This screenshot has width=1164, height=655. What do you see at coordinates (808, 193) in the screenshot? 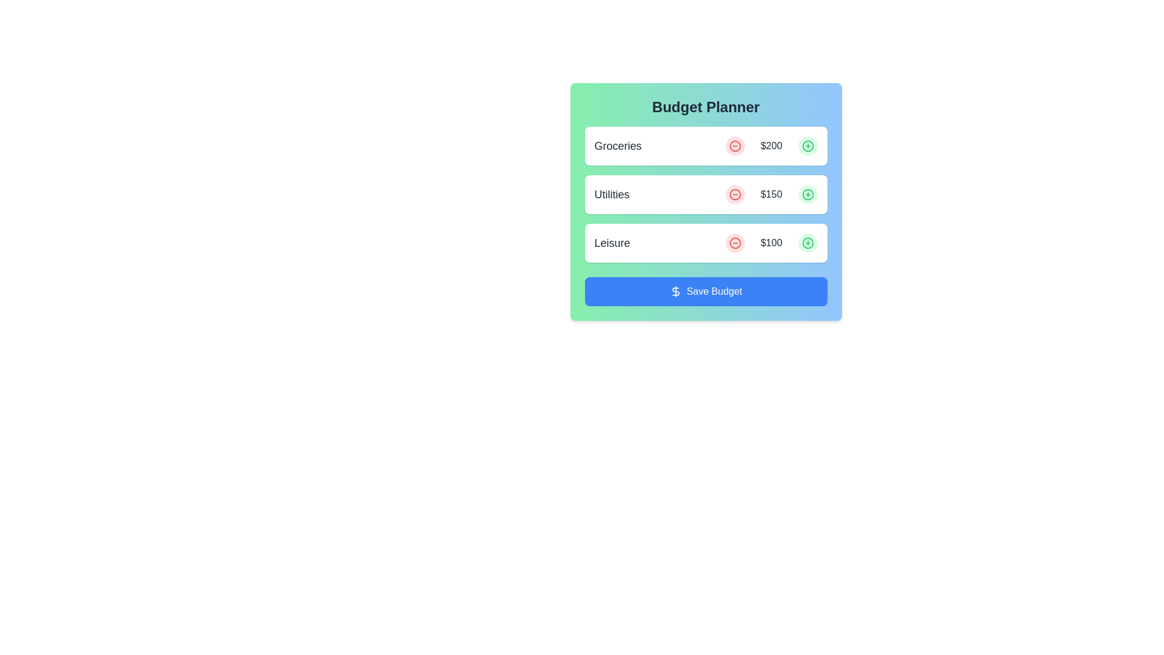
I see `the circular green Increment/Addition button with a plus sign at its center to change its background color` at bounding box center [808, 193].